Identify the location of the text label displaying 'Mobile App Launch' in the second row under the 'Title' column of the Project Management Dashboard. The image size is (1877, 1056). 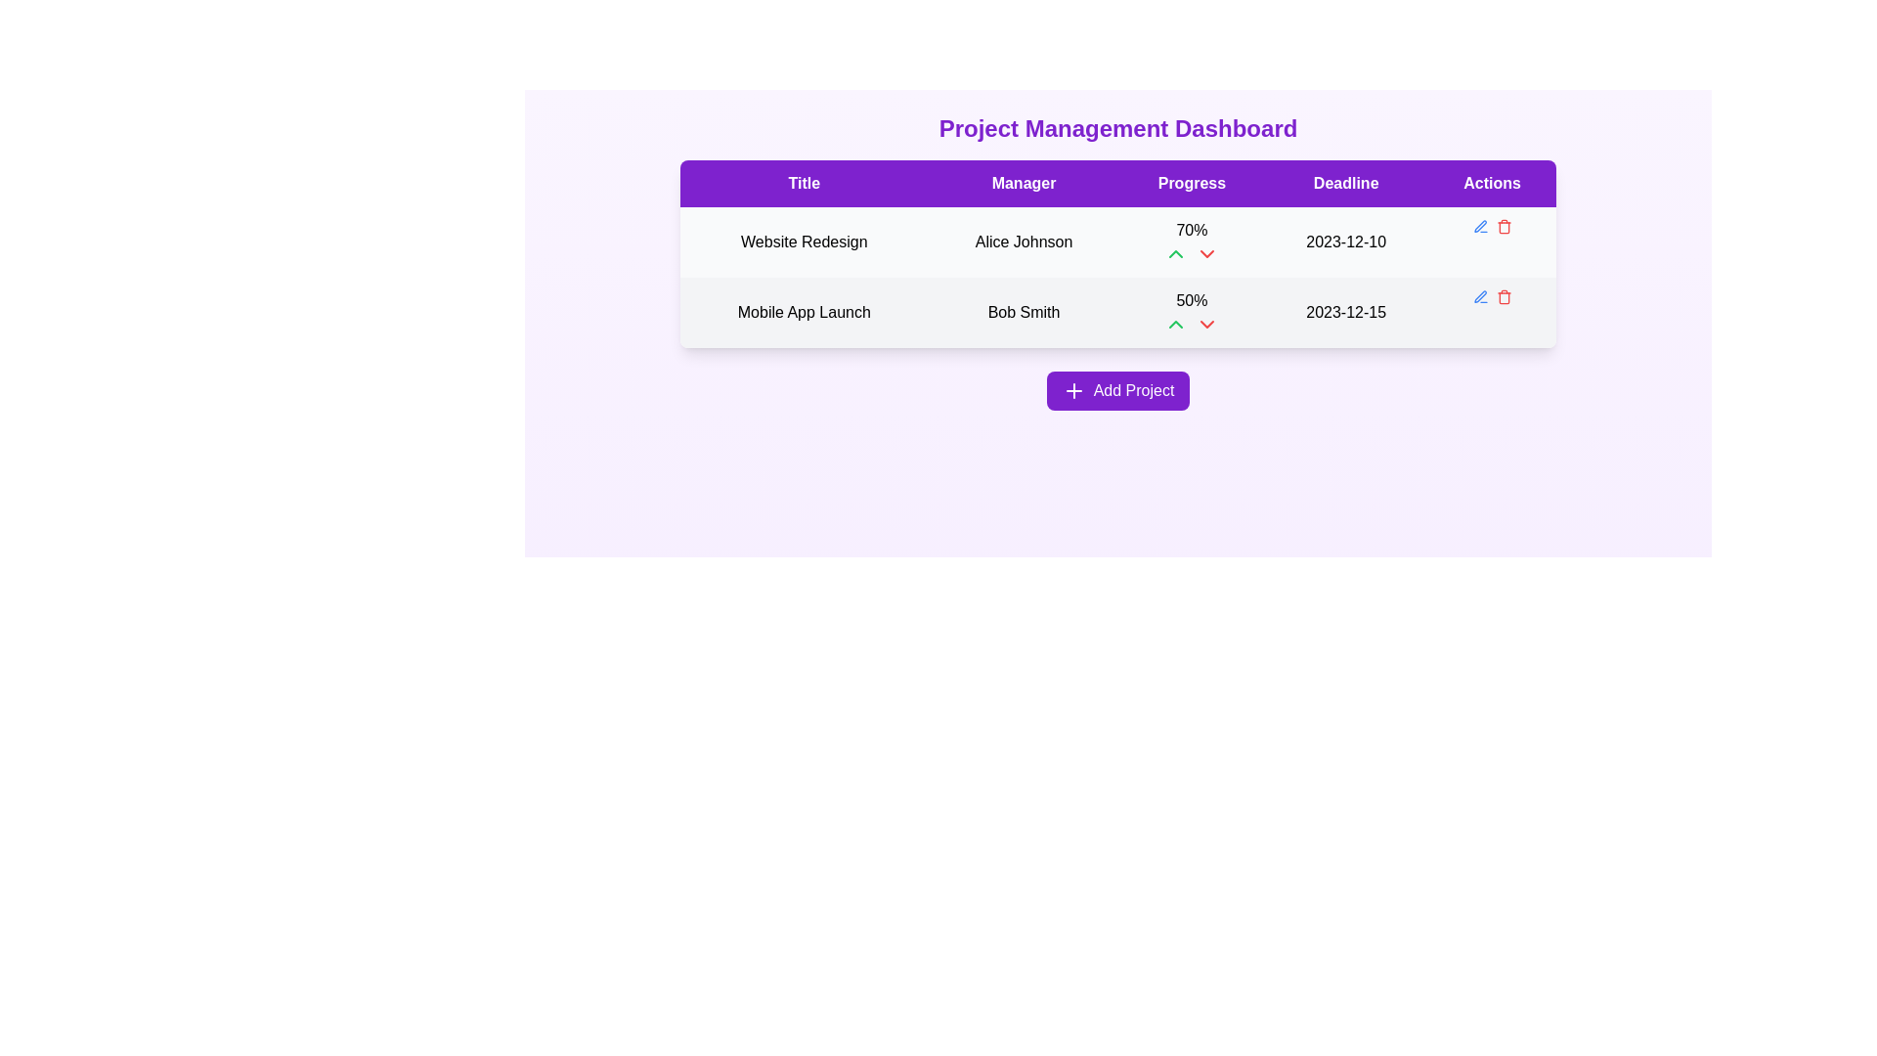
(804, 312).